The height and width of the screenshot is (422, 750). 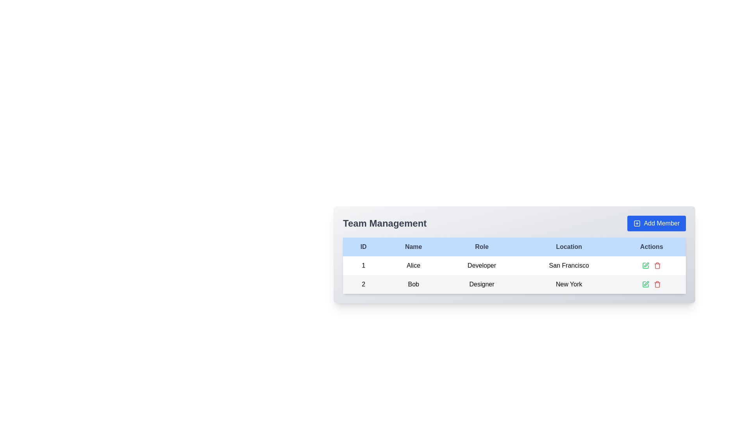 What do you see at coordinates (646, 283) in the screenshot?
I see `the edit icon in the 'Actions' column of the second row in the 'Team Management' table` at bounding box center [646, 283].